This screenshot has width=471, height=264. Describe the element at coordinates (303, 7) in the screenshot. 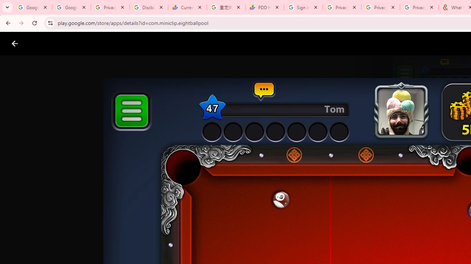

I see `'Sign in - Google Accounts'` at that location.